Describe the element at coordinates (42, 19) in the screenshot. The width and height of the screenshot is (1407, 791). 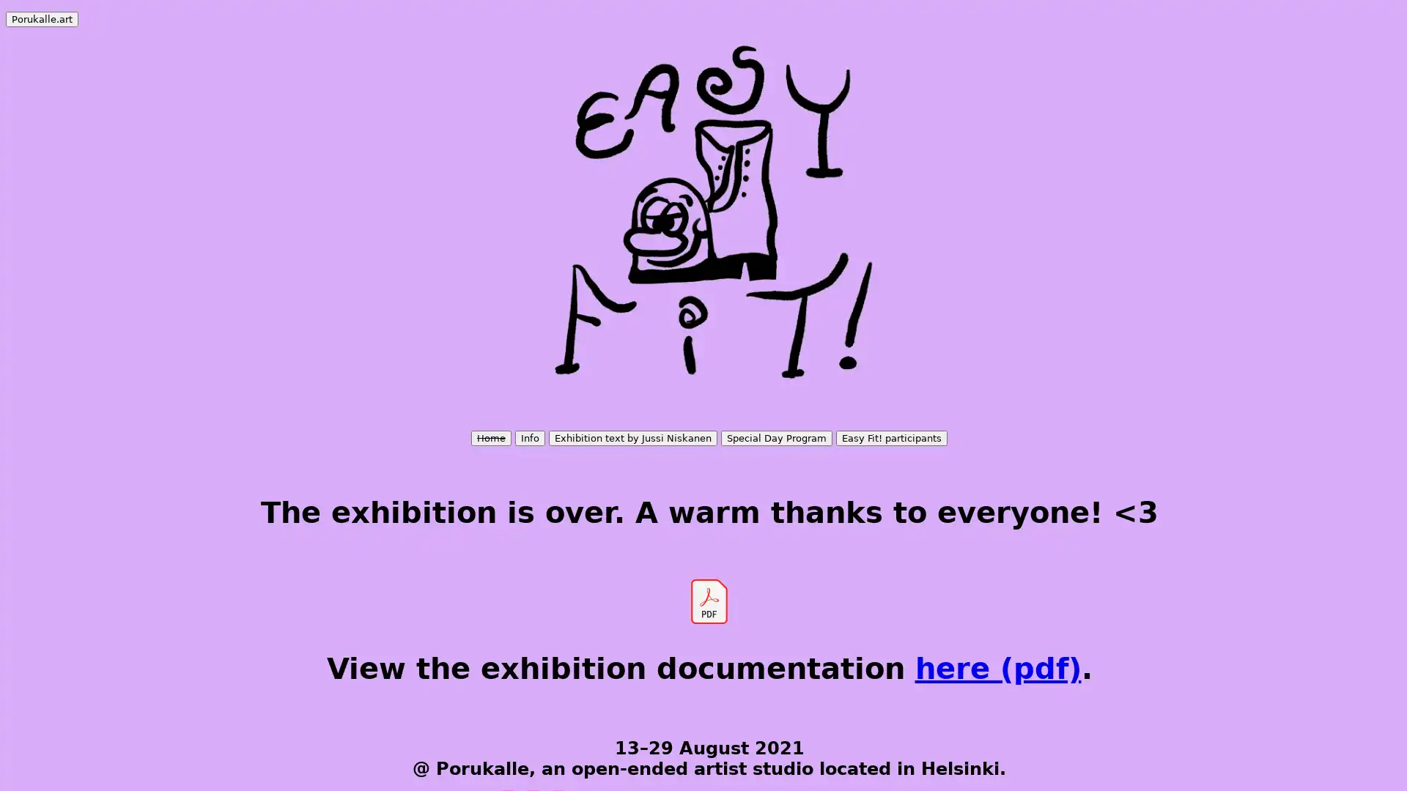
I see `Porukalle.art` at that location.